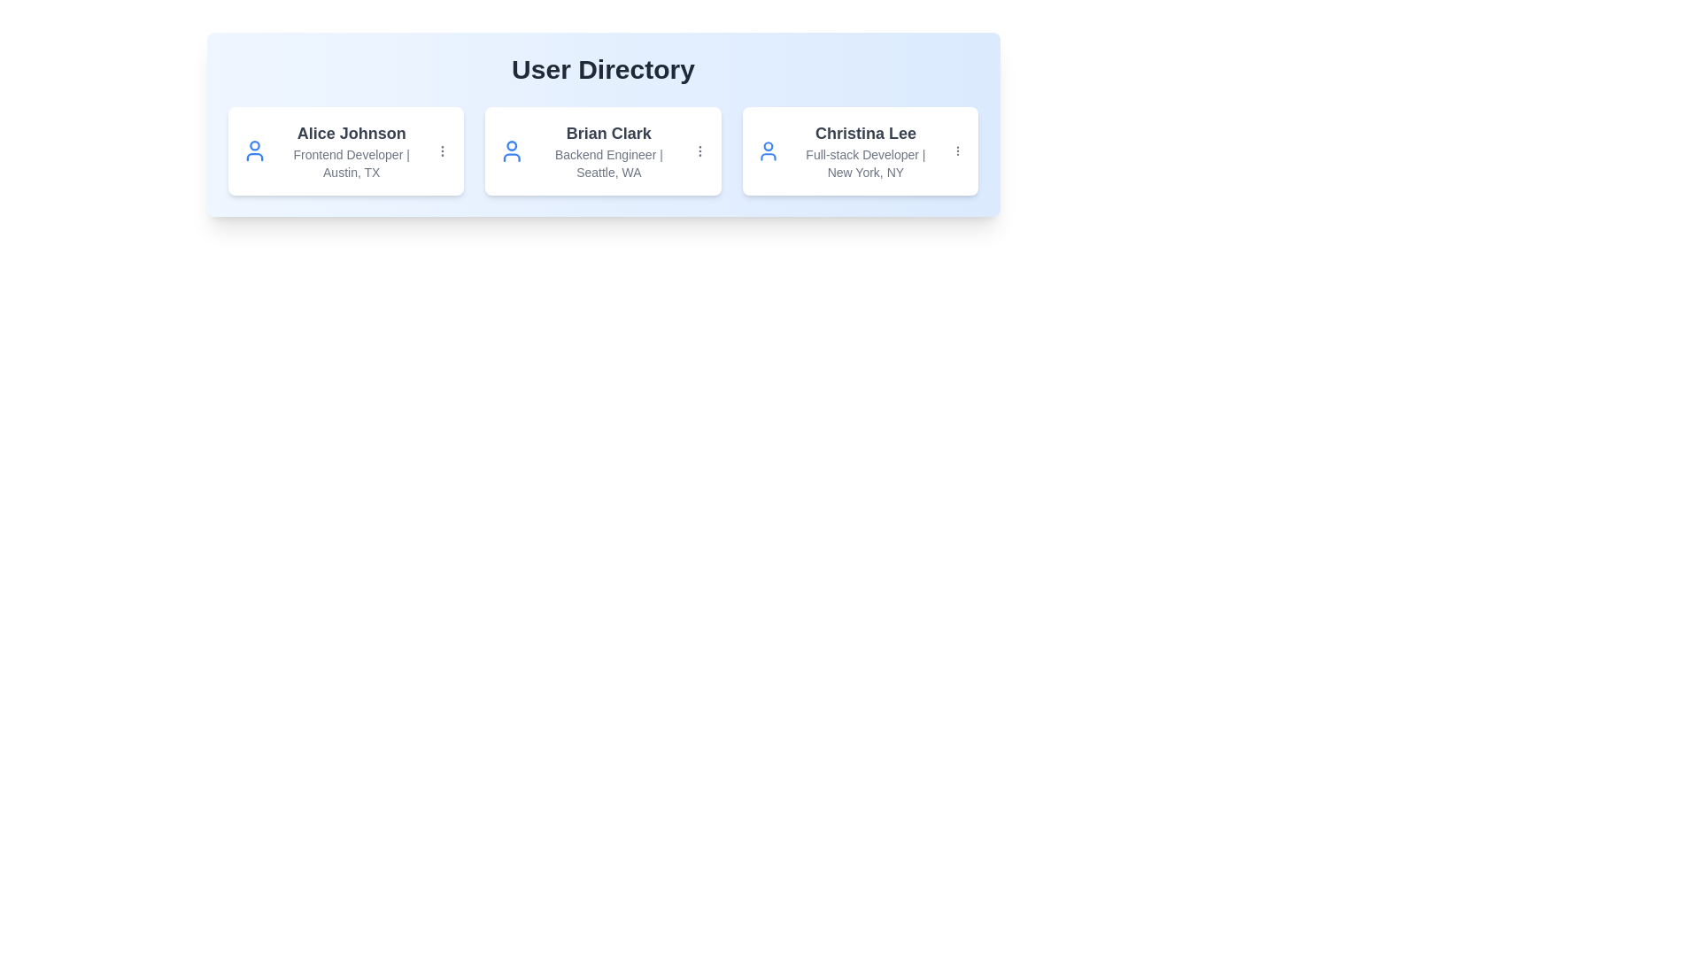 The height and width of the screenshot is (956, 1700). I want to click on the user card for Alice Johnson to activate the scale effect, so click(345, 150).